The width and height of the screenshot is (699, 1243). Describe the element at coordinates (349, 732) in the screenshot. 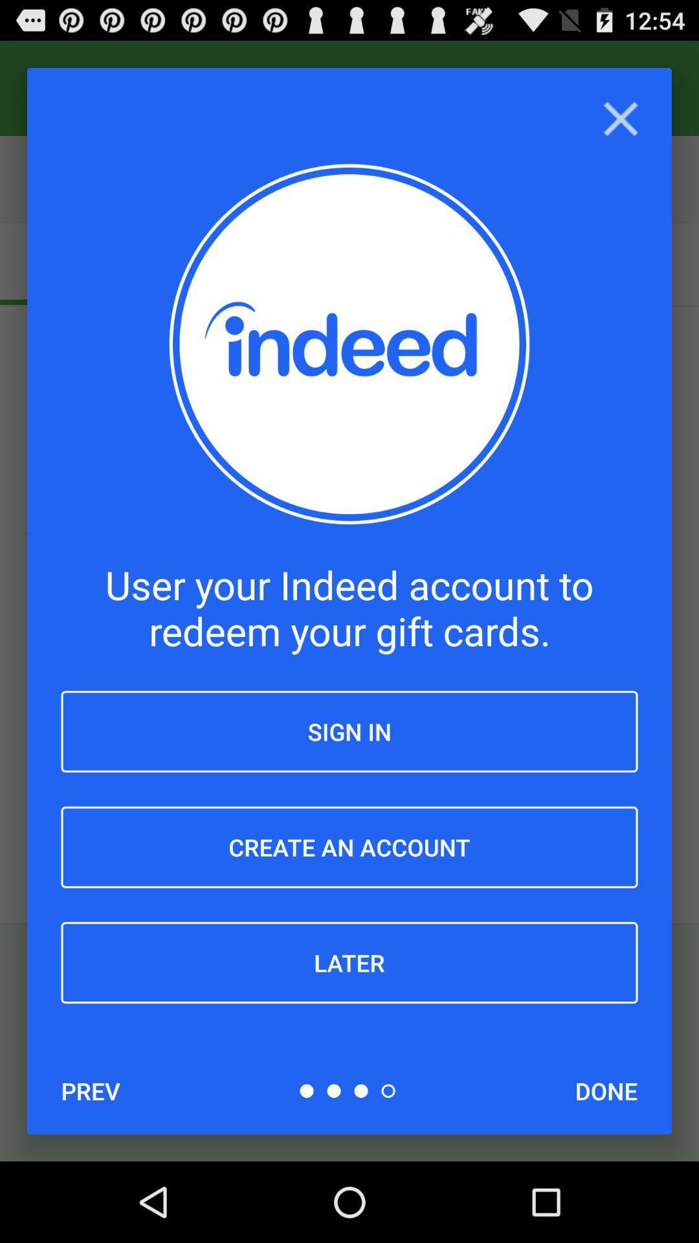

I see `the sign in icon` at that location.